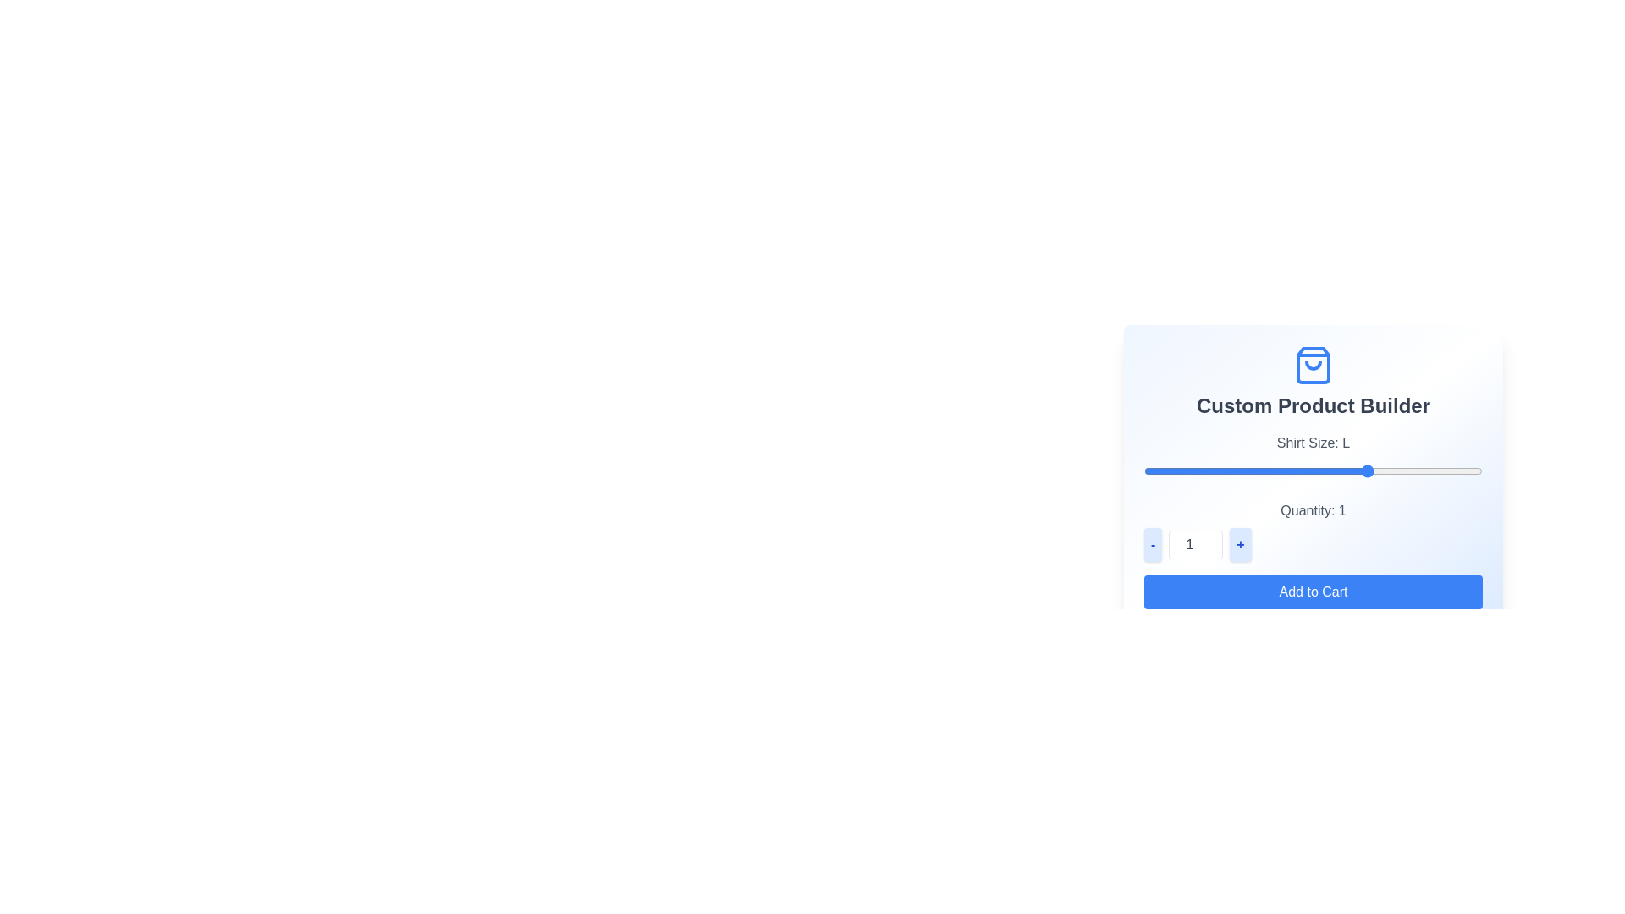 The height and width of the screenshot is (914, 1625). What do you see at coordinates (1152, 545) in the screenshot?
I see `the blue decrement button with a '-' sign located to the left of the input number field` at bounding box center [1152, 545].